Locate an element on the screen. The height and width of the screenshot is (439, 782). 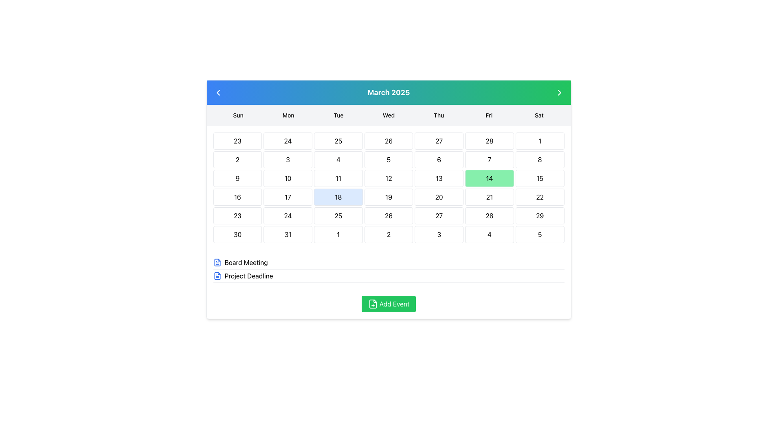
the calendar date cell representing the 2nd day of the month is located at coordinates (237, 160).